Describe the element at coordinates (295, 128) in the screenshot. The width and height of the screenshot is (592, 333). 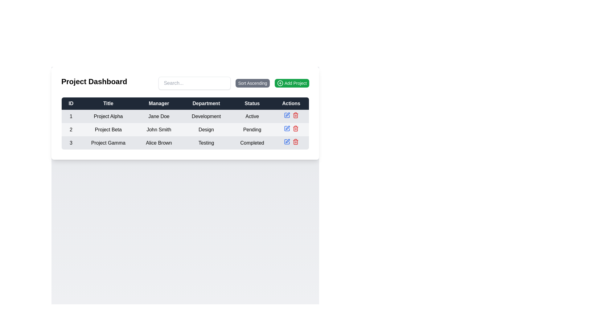
I see `the delete icon located in the 'Actions' column of the second row of the table` at that location.